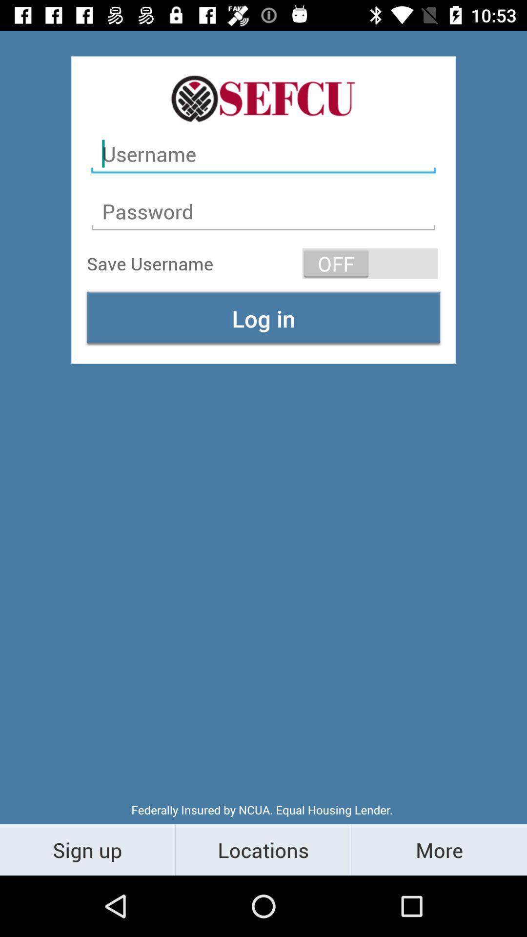 This screenshot has width=527, height=937. What do you see at coordinates (370, 263) in the screenshot?
I see `item to the right of save username item` at bounding box center [370, 263].